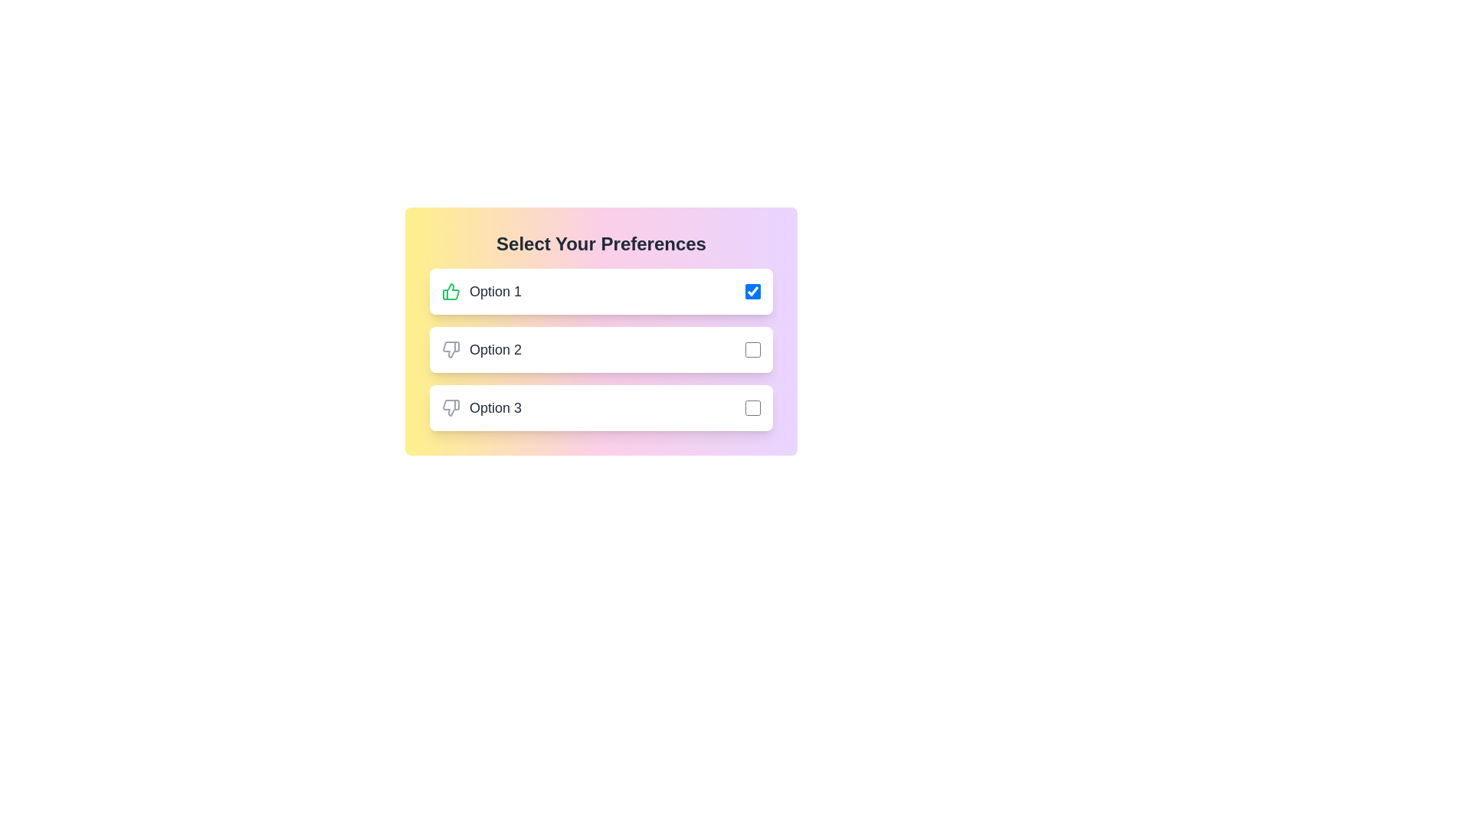 This screenshot has width=1471, height=827. Describe the element at coordinates (450, 292) in the screenshot. I see `the non-interactive graphical representation icon located on the left side of 'Option 1'` at that location.